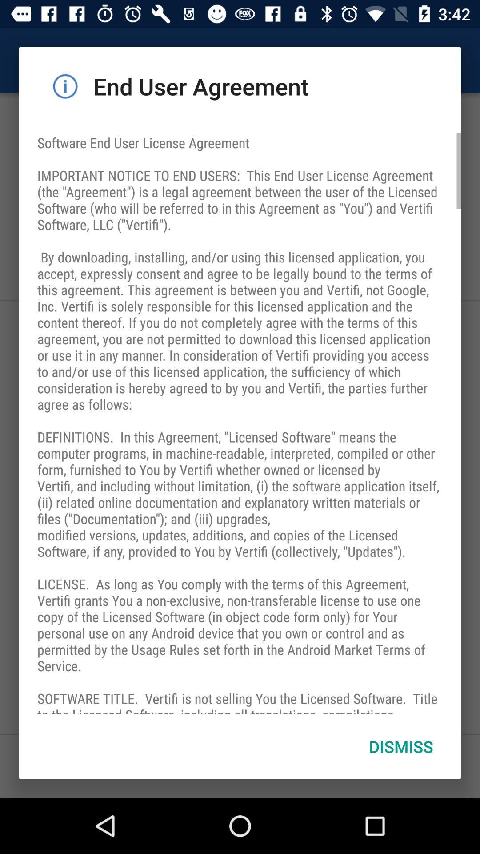  What do you see at coordinates (401, 746) in the screenshot?
I see `dismiss` at bounding box center [401, 746].